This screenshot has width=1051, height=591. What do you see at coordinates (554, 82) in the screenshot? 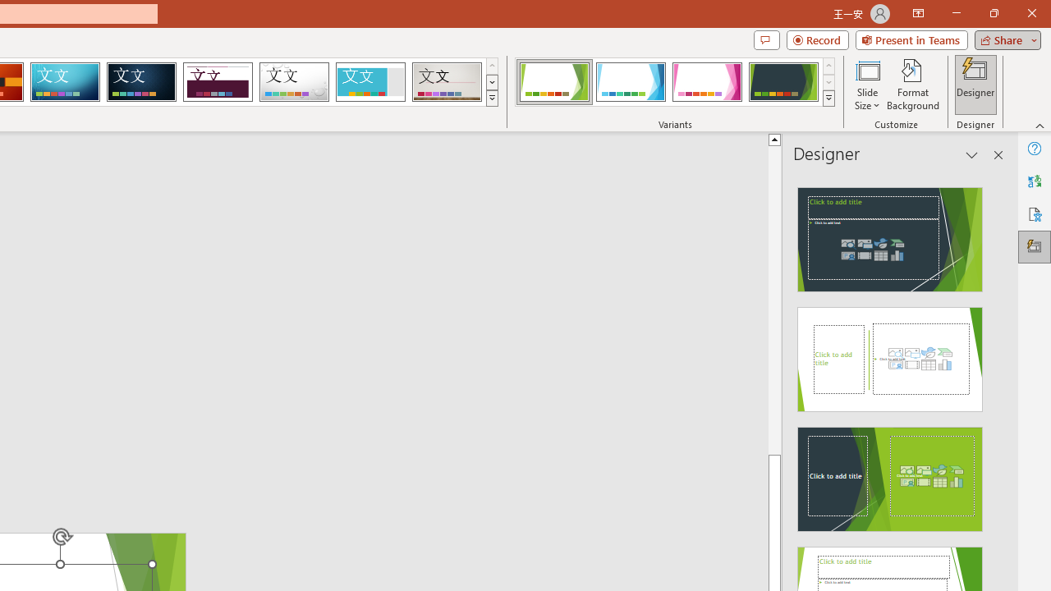
I see `'Facet Variant 1'` at bounding box center [554, 82].